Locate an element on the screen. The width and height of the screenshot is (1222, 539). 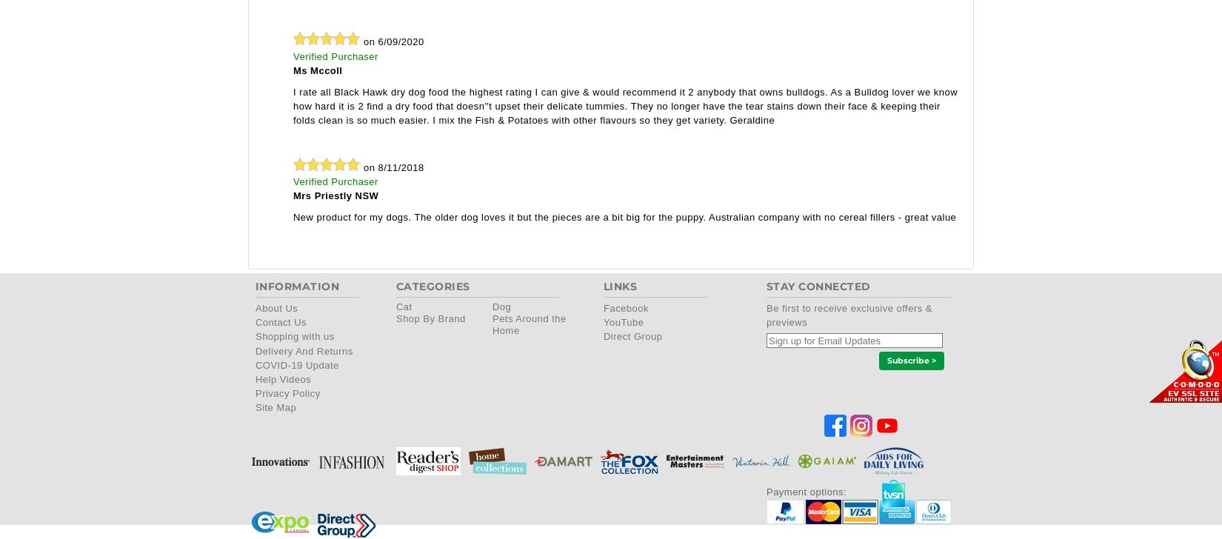
'Direct Group' is located at coordinates (602, 336).